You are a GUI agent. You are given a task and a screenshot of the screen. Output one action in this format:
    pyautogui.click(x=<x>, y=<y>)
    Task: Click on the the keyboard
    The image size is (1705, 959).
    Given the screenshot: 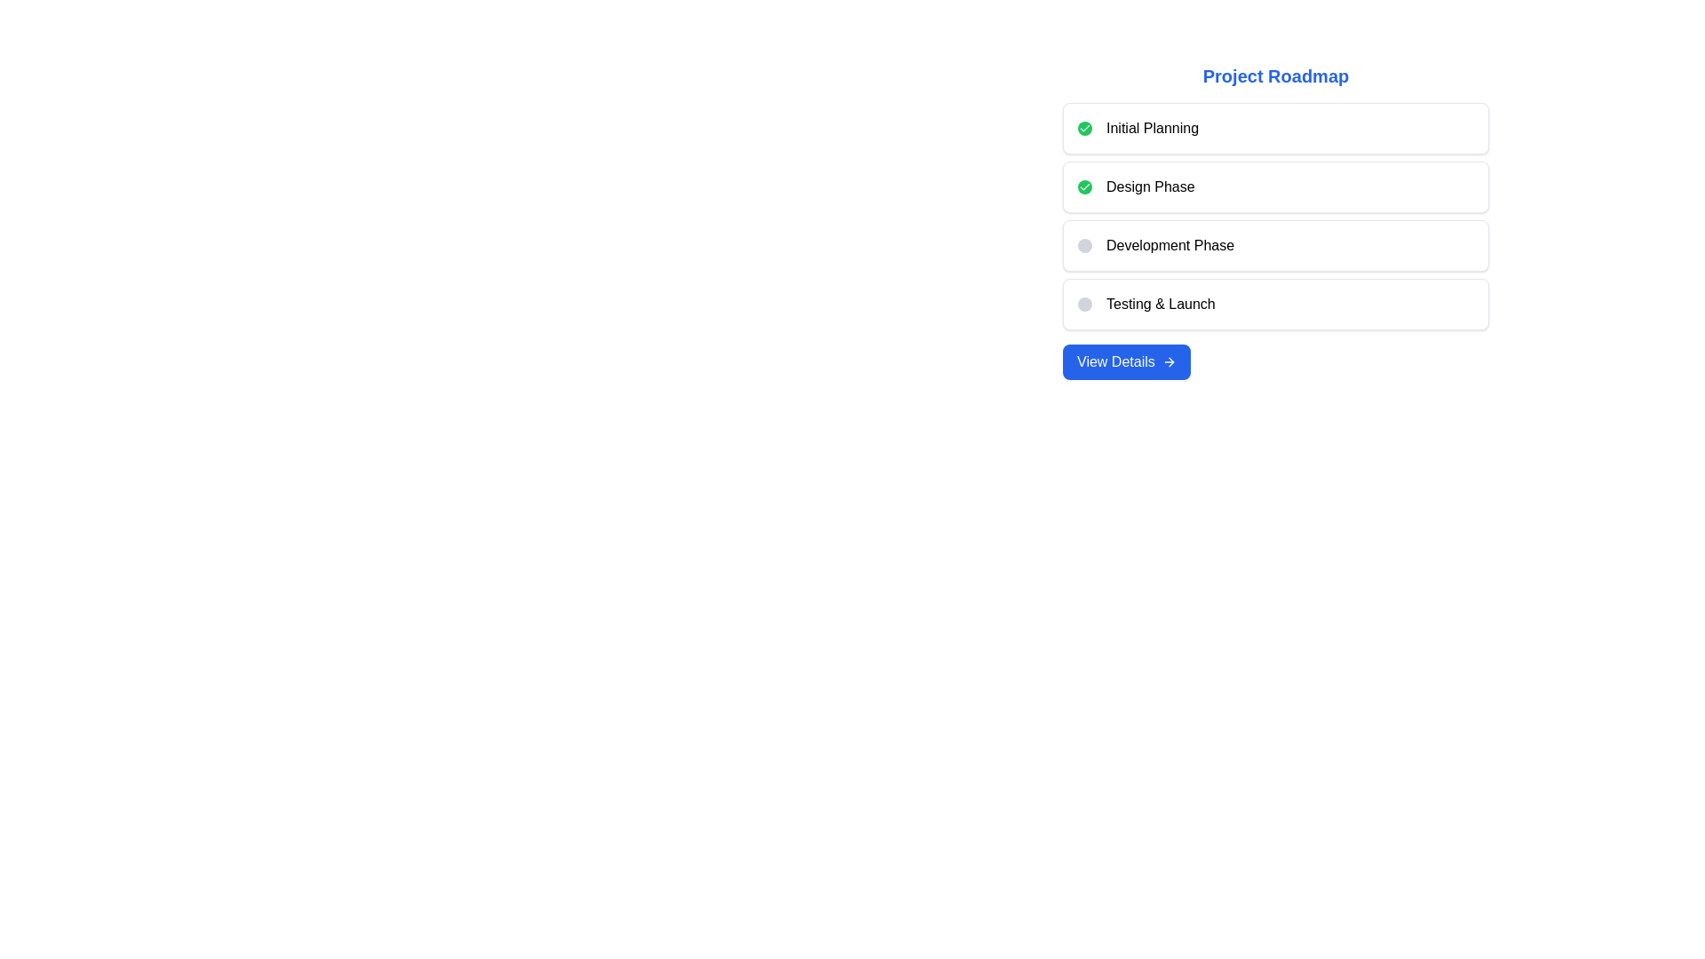 What is the action you would take?
    pyautogui.click(x=1274, y=187)
    